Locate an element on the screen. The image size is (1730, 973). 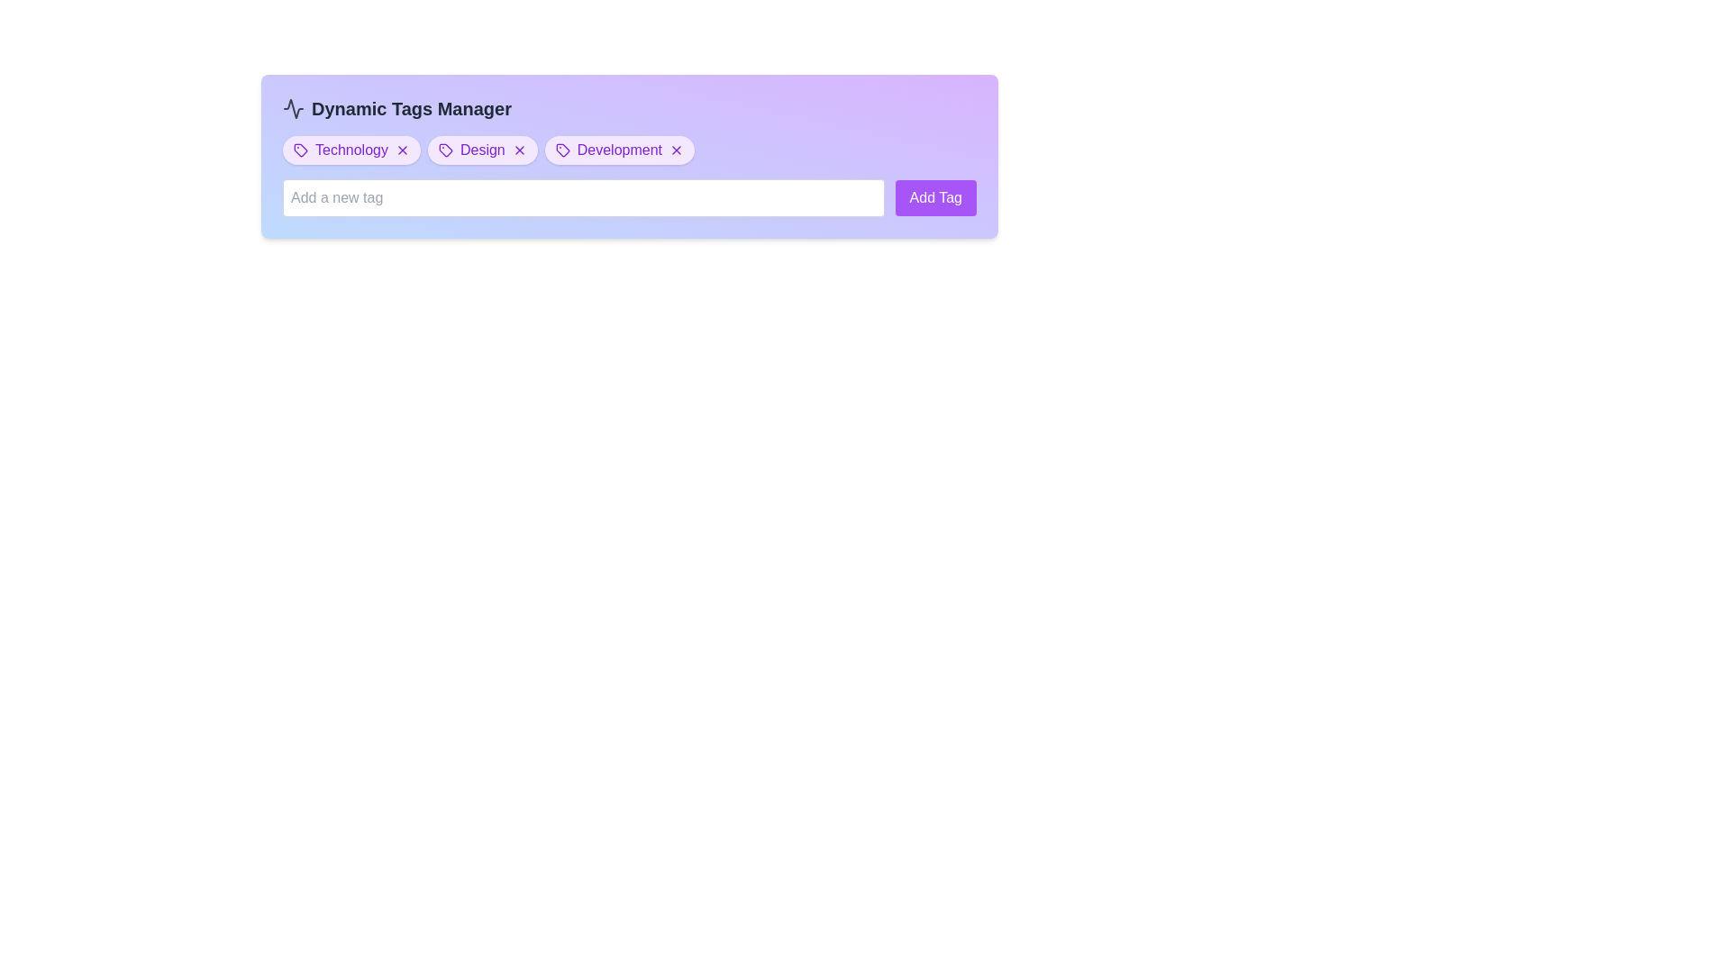
the 'Technology' tag icon located to the left of the word 'Technology' within the tag component is located at coordinates (301, 149).